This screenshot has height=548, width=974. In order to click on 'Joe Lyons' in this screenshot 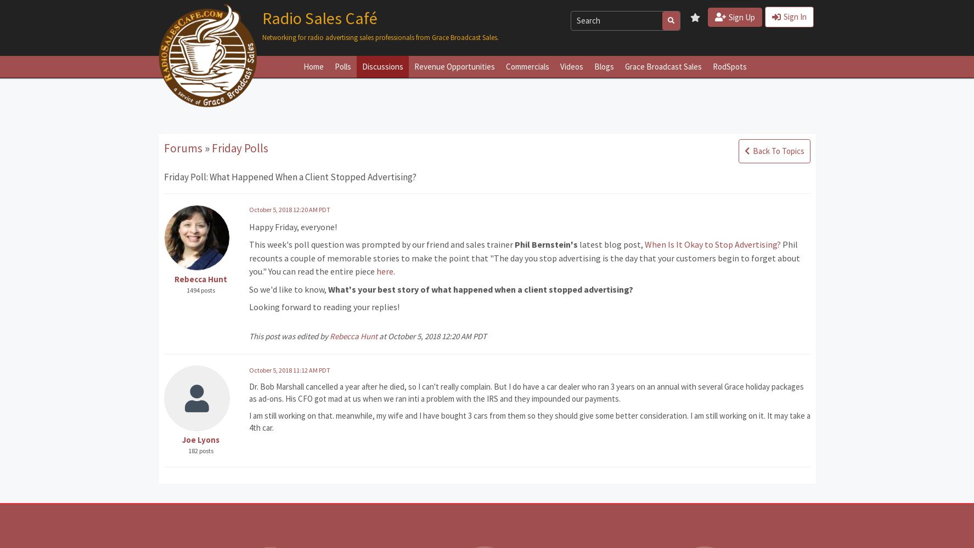, I will do `click(200, 439)`.